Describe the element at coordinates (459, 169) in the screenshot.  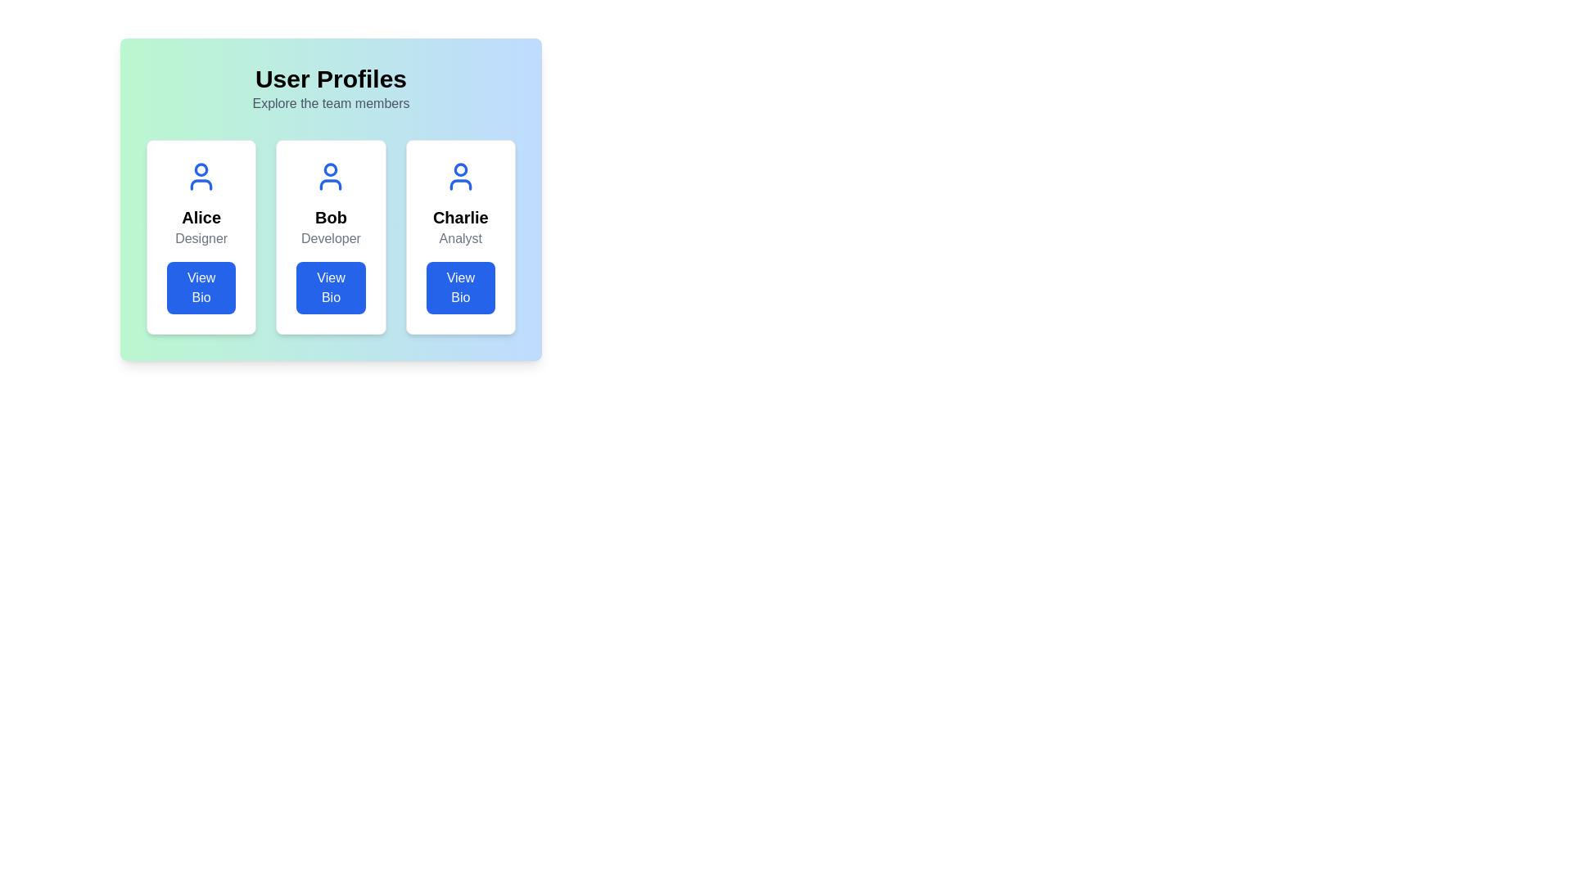
I see `the circular SVG shape representing the head in the 'Charlie' profile card user icon` at that location.